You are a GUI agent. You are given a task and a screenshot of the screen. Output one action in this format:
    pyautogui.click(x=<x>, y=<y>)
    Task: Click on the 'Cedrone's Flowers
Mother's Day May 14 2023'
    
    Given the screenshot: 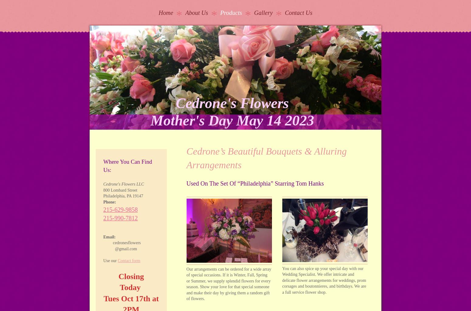 What is the action you would take?
    pyautogui.click(x=232, y=111)
    